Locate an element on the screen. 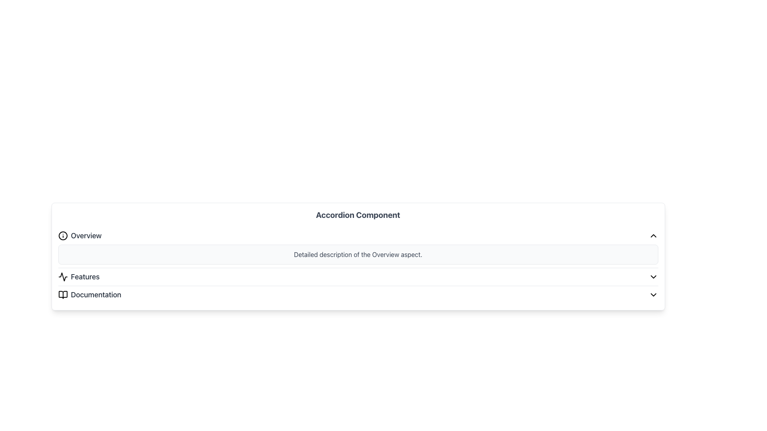  the prominent header with the text 'Accordion Component', which is styled in an extra-large bold font and is centered at the top of its section is located at coordinates (358, 215).